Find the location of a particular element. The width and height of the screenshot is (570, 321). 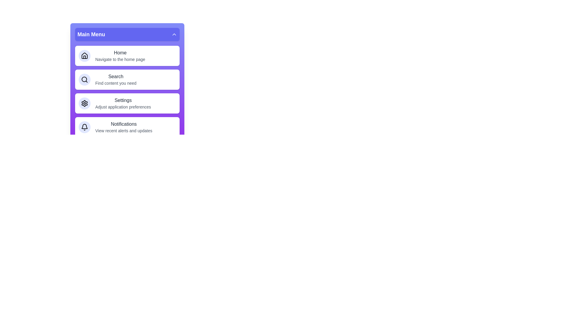

the toggle button to expand or collapse the sidebar menu is located at coordinates (127, 34).